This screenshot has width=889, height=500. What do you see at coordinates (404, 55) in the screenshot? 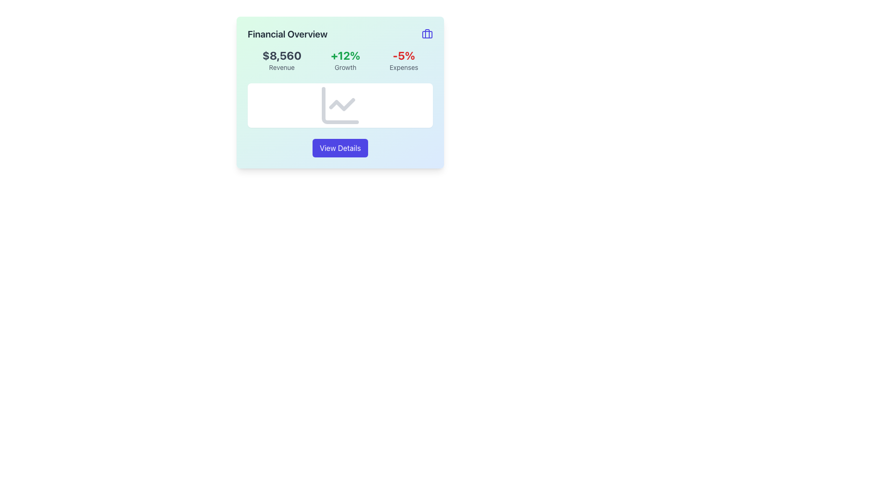
I see `the Text label in the upper-right corner of the 'Financial Overview' card, which indicates a percentage value related to expenses` at bounding box center [404, 55].